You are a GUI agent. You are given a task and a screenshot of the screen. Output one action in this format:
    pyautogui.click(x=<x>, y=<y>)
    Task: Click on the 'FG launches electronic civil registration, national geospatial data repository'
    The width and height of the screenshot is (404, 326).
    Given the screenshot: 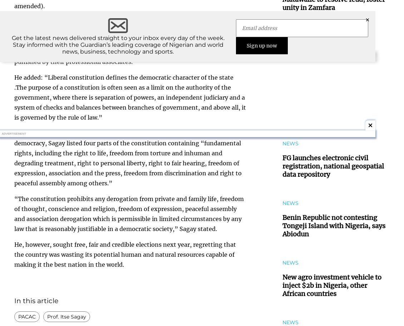 What is the action you would take?
    pyautogui.click(x=333, y=165)
    